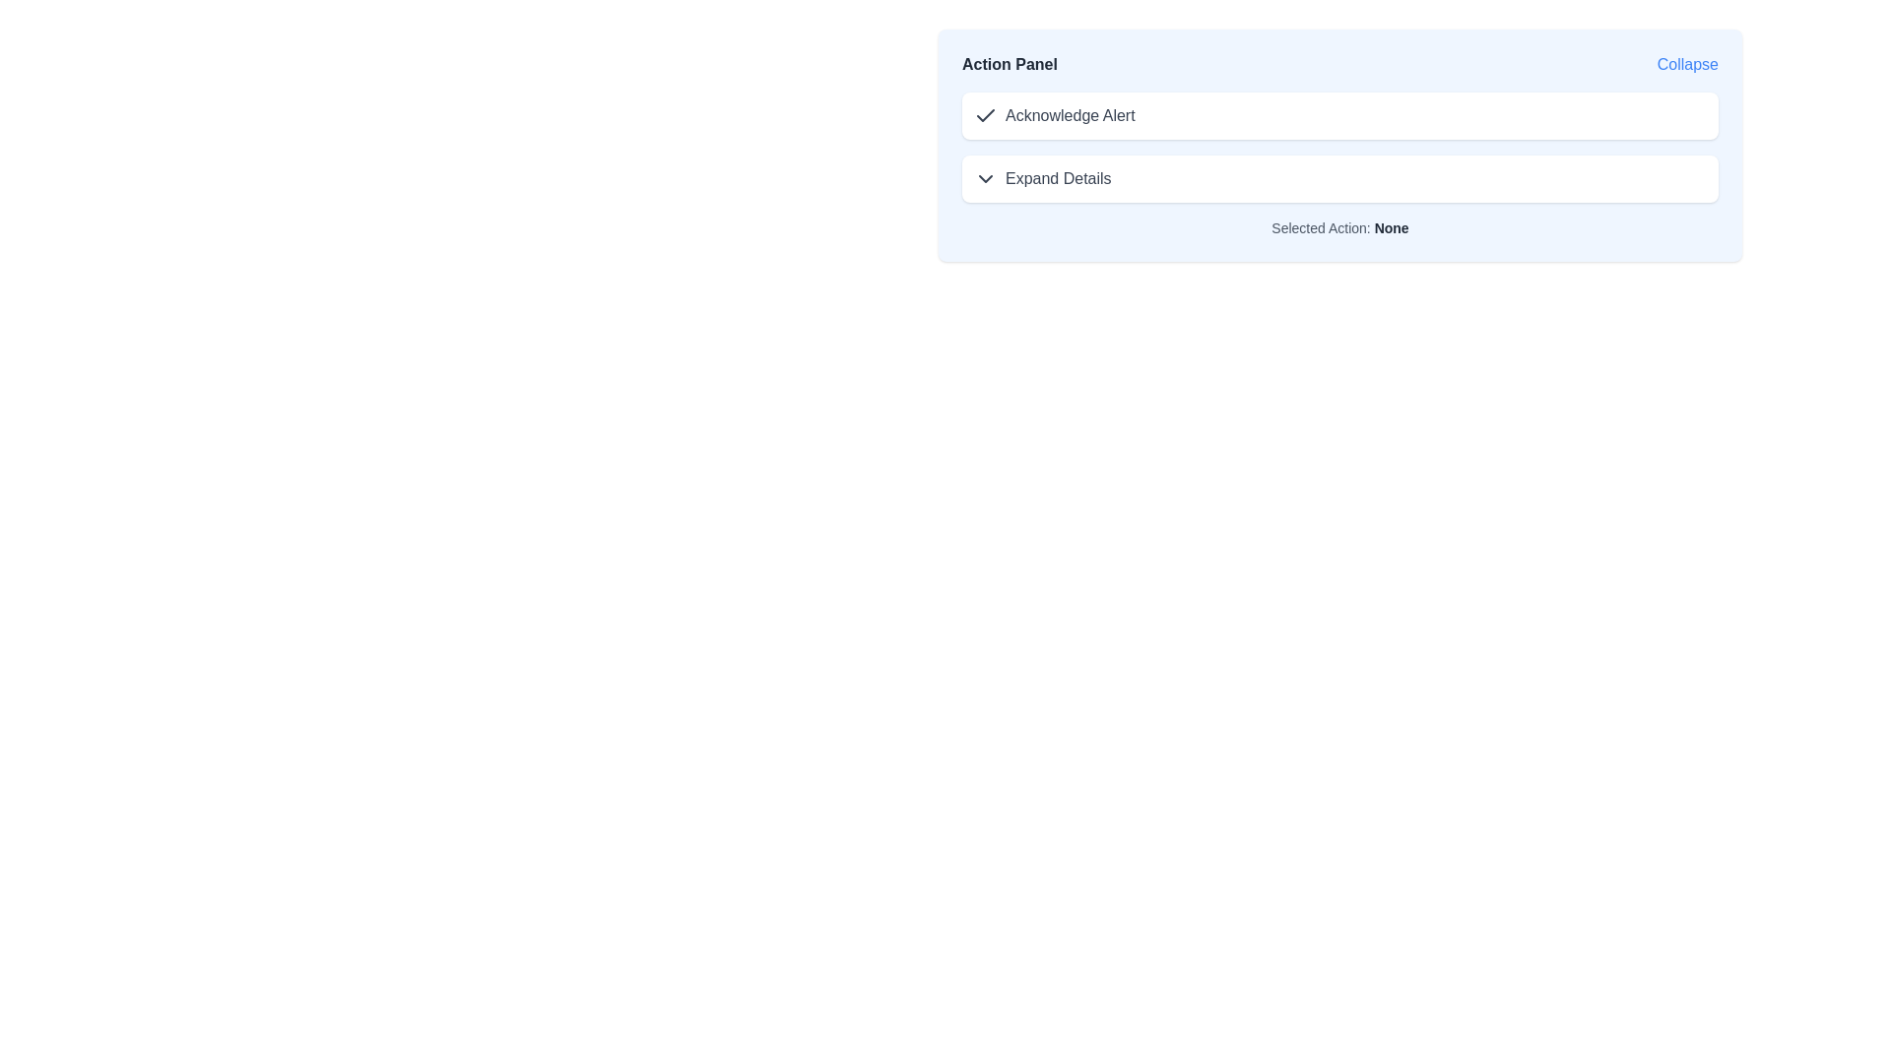 The height and width of the screenshot is (1063, 1891). Describe the element at coordinates (1339, 147) in the screenshot. I see `the Interactive section with multiple selectable subsections in the 'Action Panel'` at that location.